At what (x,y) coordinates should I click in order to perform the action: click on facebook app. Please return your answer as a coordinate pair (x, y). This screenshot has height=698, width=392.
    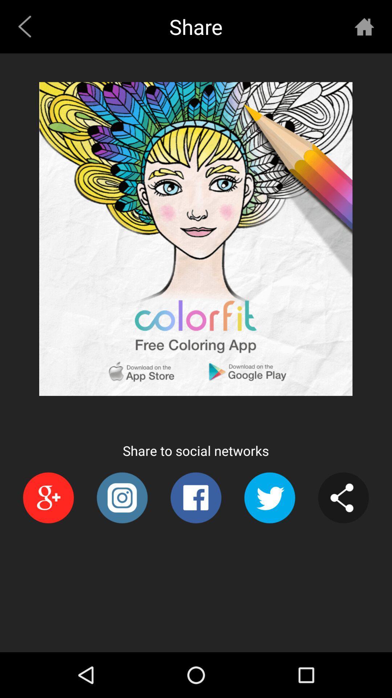
    Looking at the image, I should click on (195, 497).